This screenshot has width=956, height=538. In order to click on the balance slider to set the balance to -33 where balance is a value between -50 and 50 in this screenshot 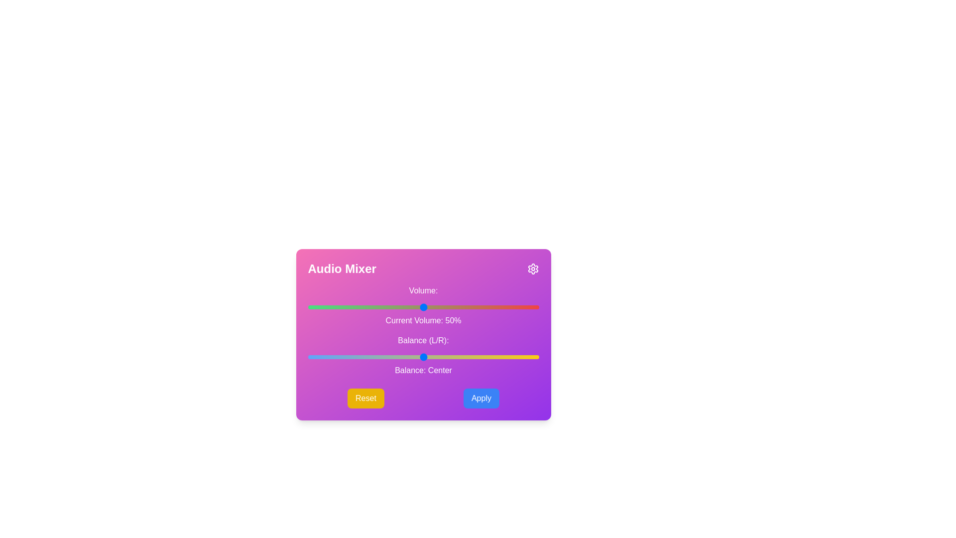, I will do `click(347, 357)`.